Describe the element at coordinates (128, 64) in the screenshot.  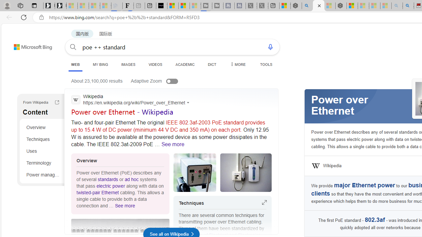
I see `'IMAGES'` at that location.